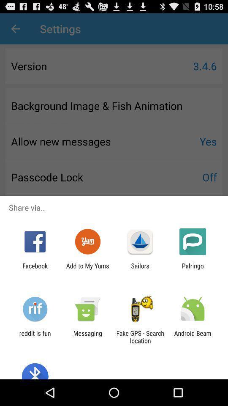 Image resolution: width=228 pixels, height=406 pixels. Describe the element at coordinates (140, 269) in the screenshot. I see `the item next to the add to my` at that location.